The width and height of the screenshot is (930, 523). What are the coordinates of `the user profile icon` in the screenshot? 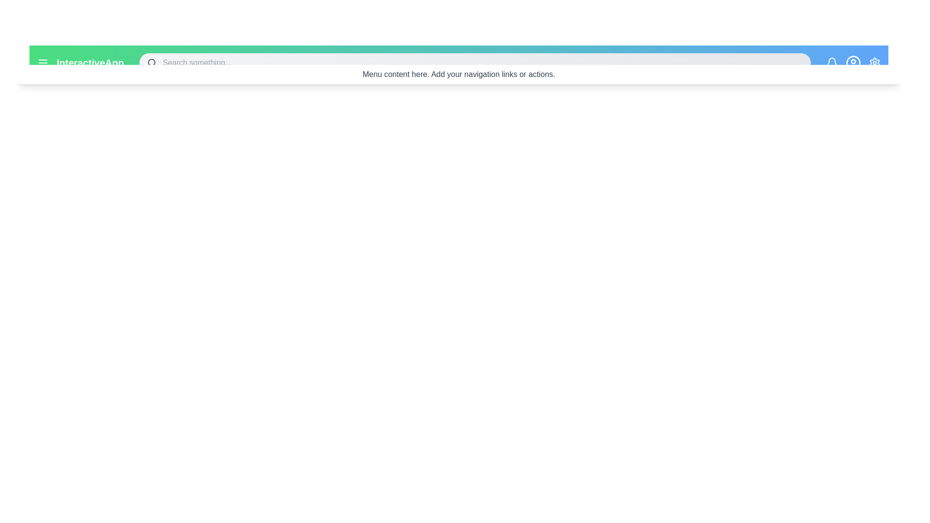 It's located at (853, 63).